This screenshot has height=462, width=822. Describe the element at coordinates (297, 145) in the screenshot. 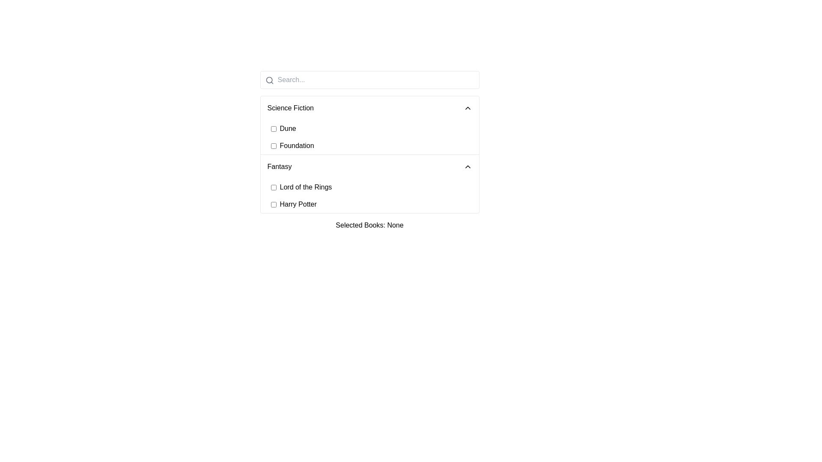

I see `the text label displaying 'Foundation' to focus, which is associated with the second checkbox under the 'Science Fiction' category` at that location.